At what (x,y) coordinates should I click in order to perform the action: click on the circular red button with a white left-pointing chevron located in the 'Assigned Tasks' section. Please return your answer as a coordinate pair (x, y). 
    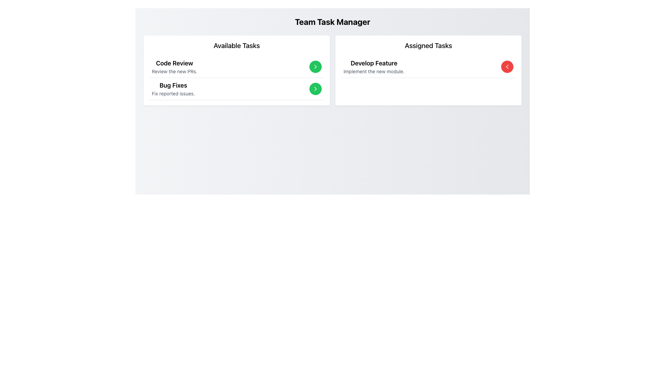
    Looking at the image, I should click on (507, 67).